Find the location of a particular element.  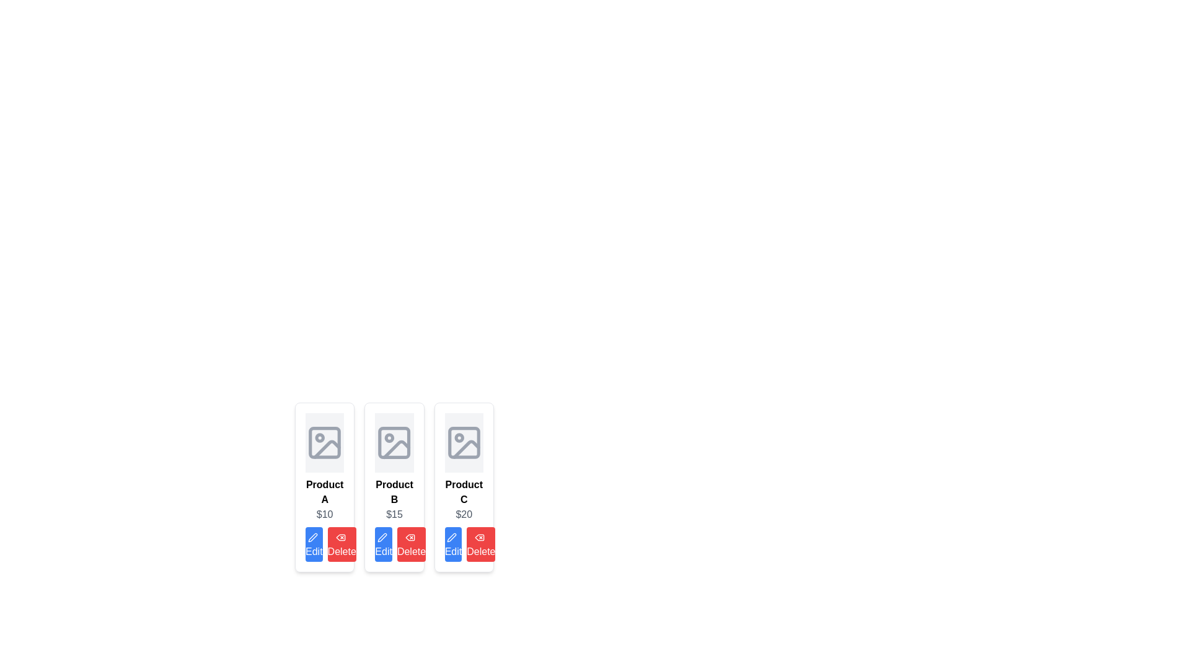

the blue 'Edit' button with white text and a pen icon to change its background color is located at coordinates (314, 544).